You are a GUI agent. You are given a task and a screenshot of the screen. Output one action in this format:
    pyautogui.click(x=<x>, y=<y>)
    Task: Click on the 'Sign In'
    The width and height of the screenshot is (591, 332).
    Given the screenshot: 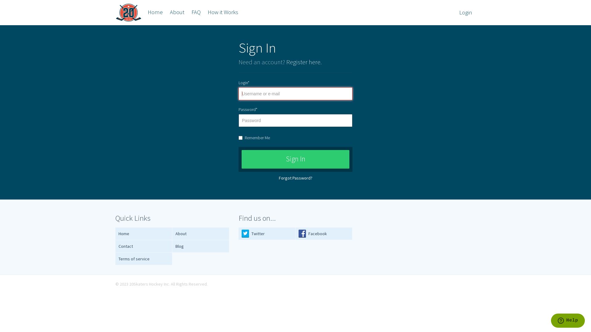 What is the action you would take?
    pyautogui.click(x=295, y=159)
    